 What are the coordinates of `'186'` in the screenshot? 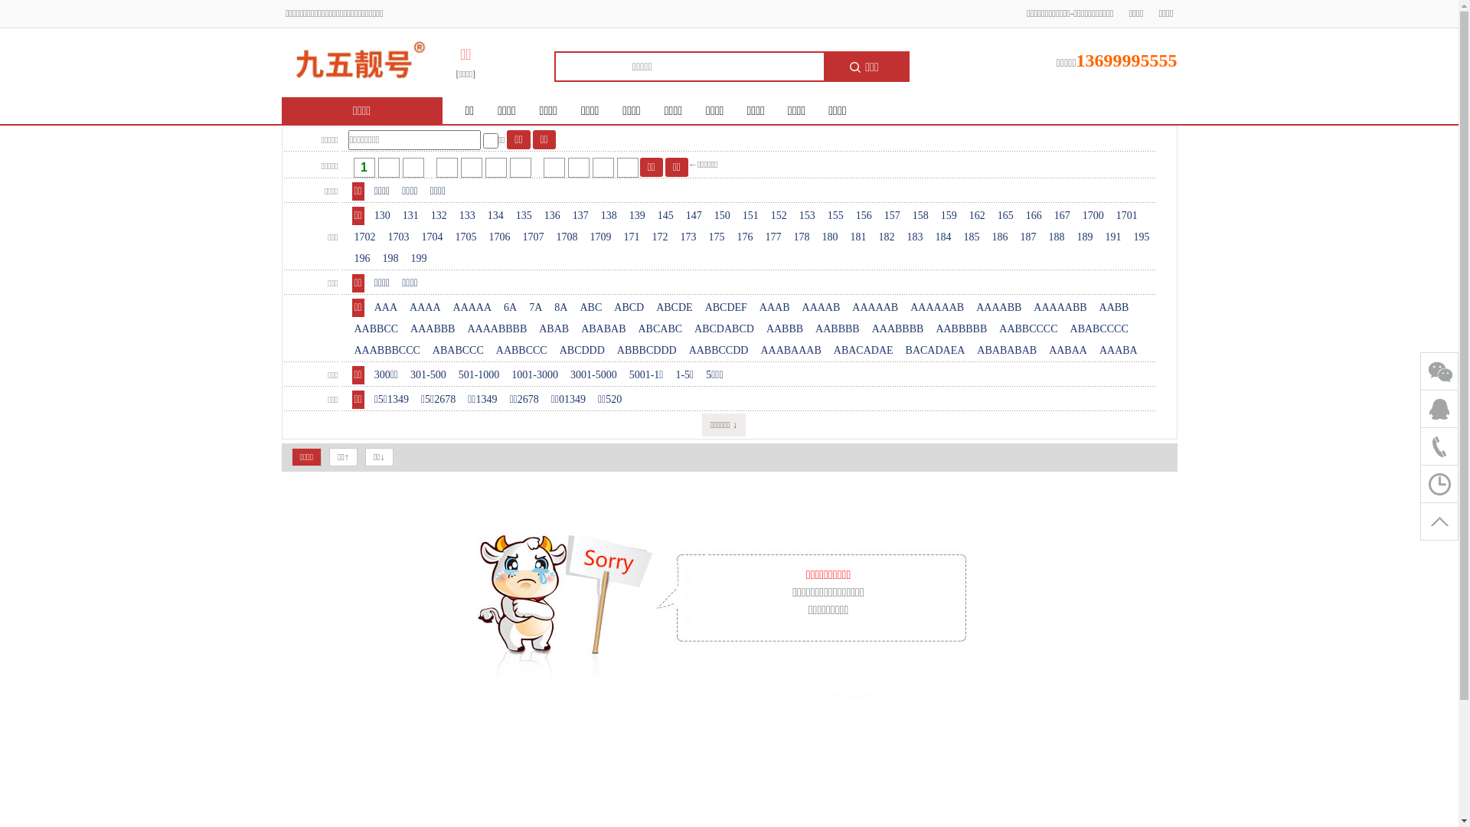 It's located at (999, 237).